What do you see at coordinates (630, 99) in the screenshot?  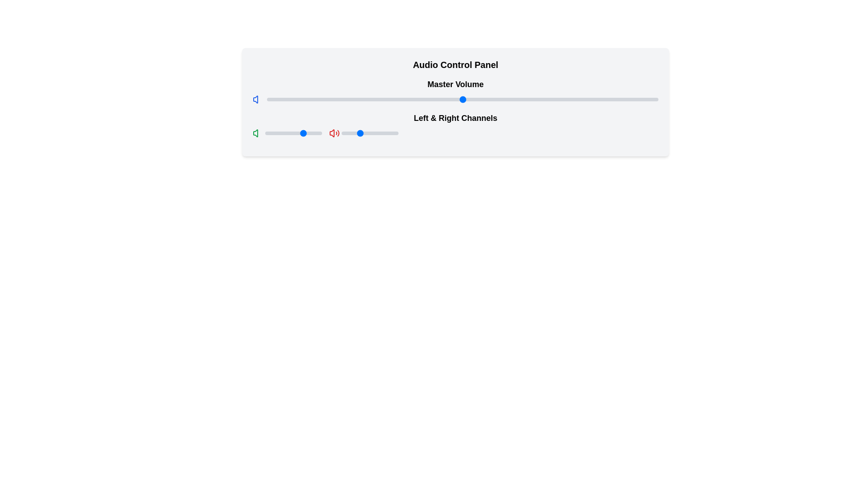 I see `the master volume` at bounding box center [630, 99].